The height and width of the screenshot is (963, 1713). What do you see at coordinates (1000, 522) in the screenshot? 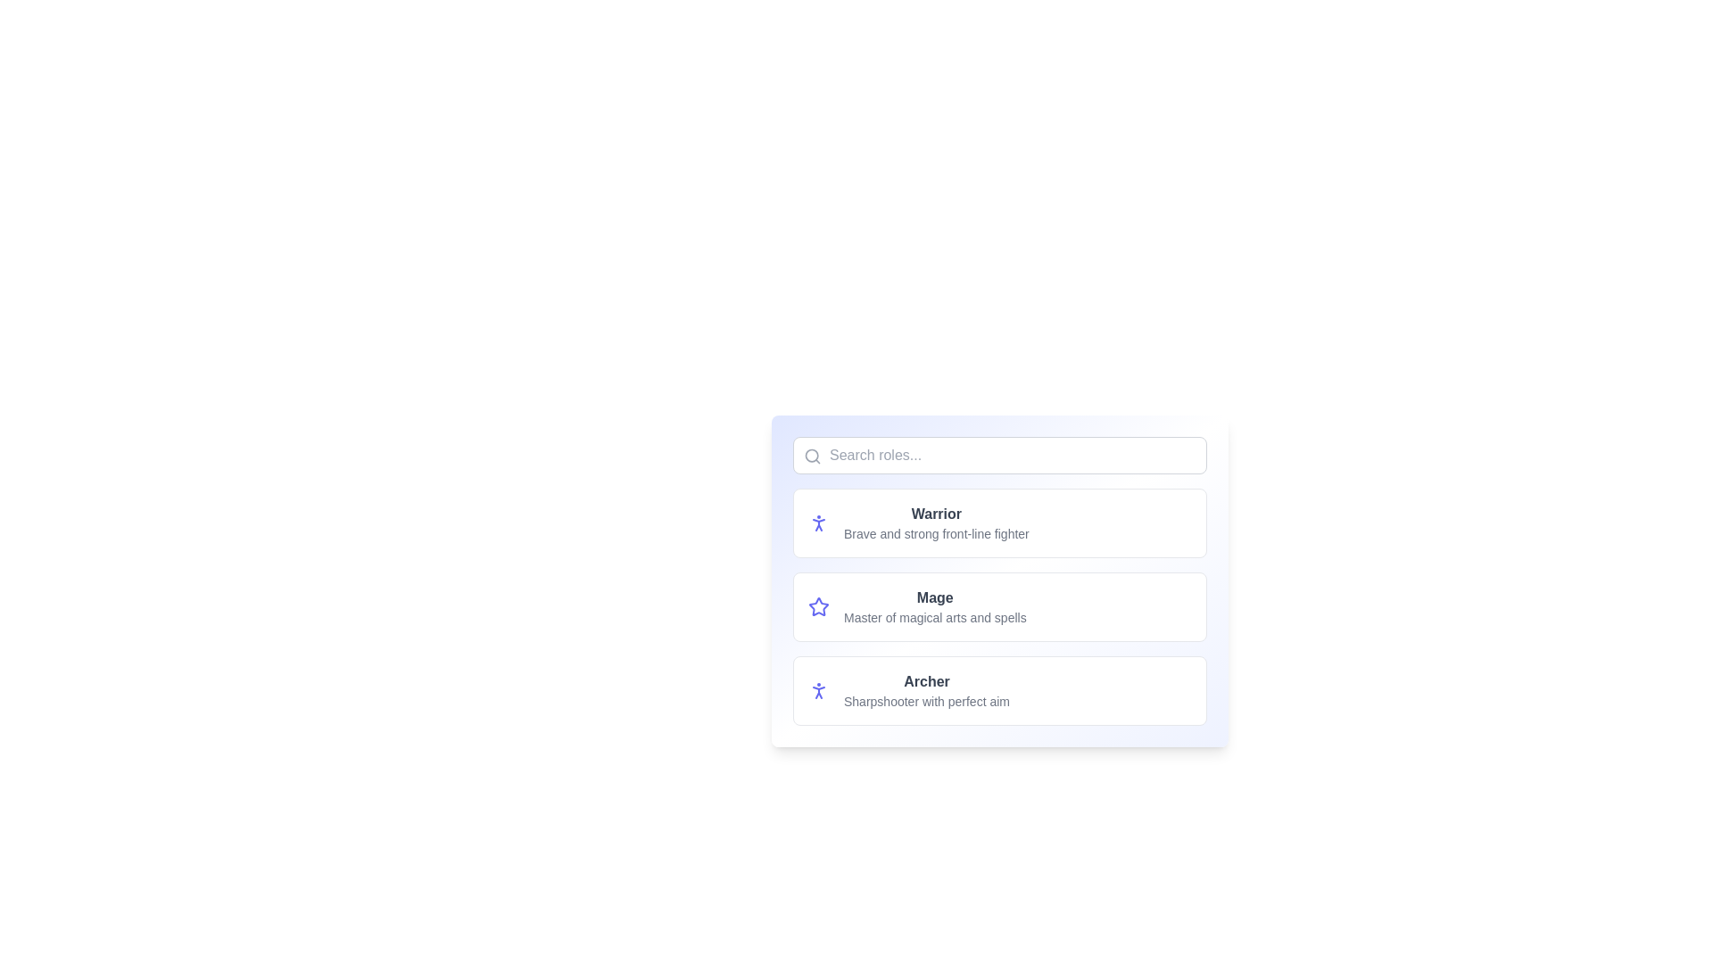
I see `the role option element labeled 'Warrior' for keyboard selection by moving the cursor to its center` at bounding box center [1000, 522].